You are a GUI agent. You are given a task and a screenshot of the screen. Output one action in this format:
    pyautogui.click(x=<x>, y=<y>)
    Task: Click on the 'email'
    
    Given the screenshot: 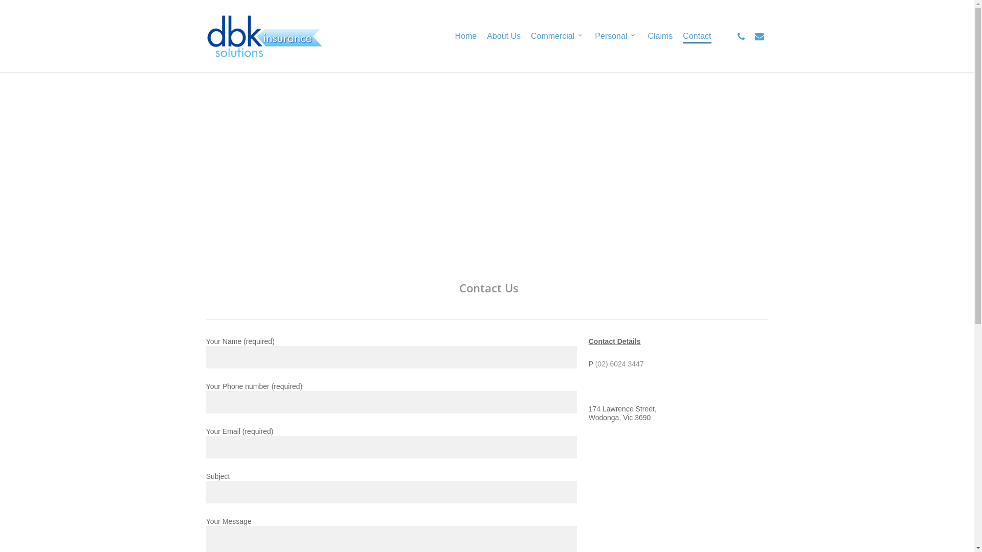 What is the action you would take?
    pyautogui.click(x=758, y=35)
    